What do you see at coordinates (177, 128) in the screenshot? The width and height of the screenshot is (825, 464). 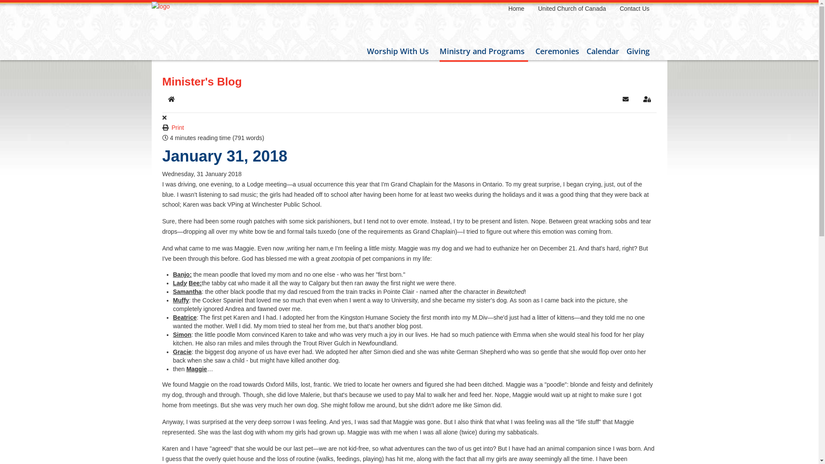 I see `'Print'` at bounding box center [177, 128].